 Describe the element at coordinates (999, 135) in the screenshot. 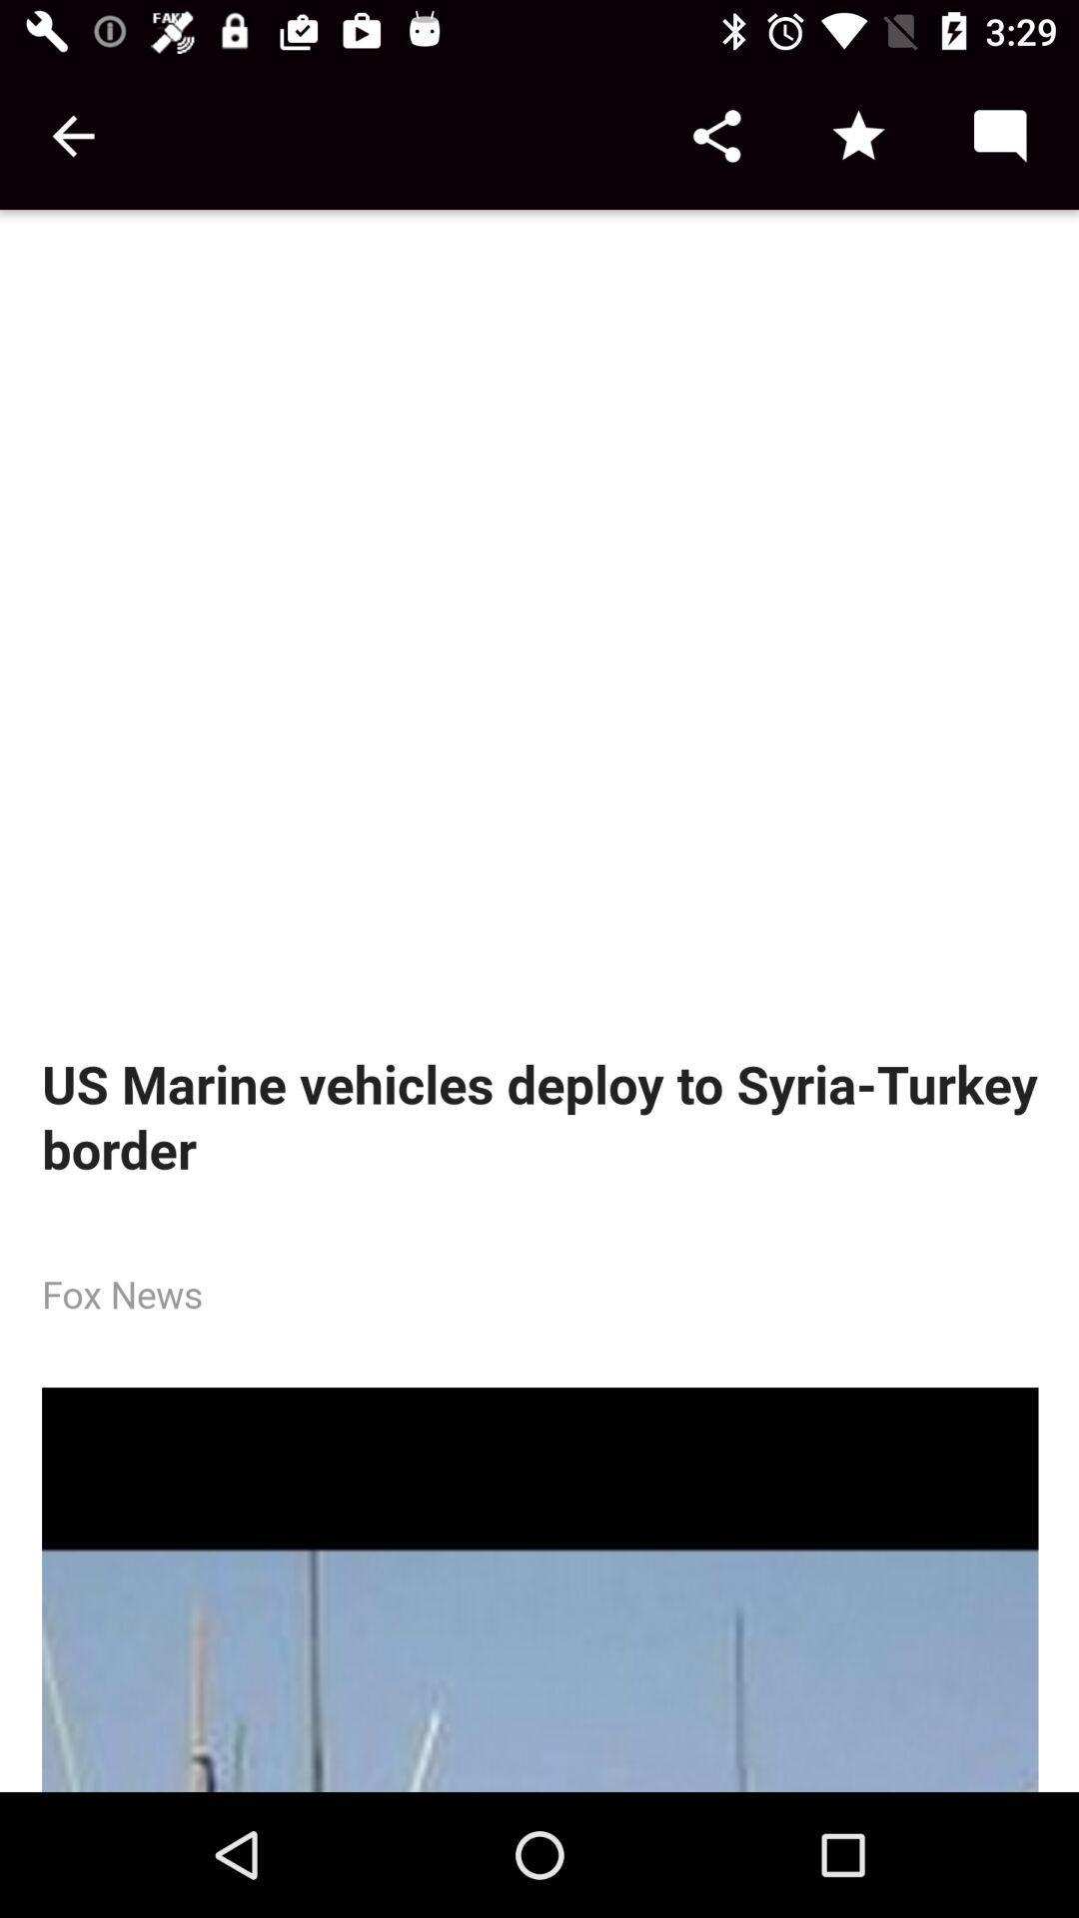

I see `chat function` at that location.